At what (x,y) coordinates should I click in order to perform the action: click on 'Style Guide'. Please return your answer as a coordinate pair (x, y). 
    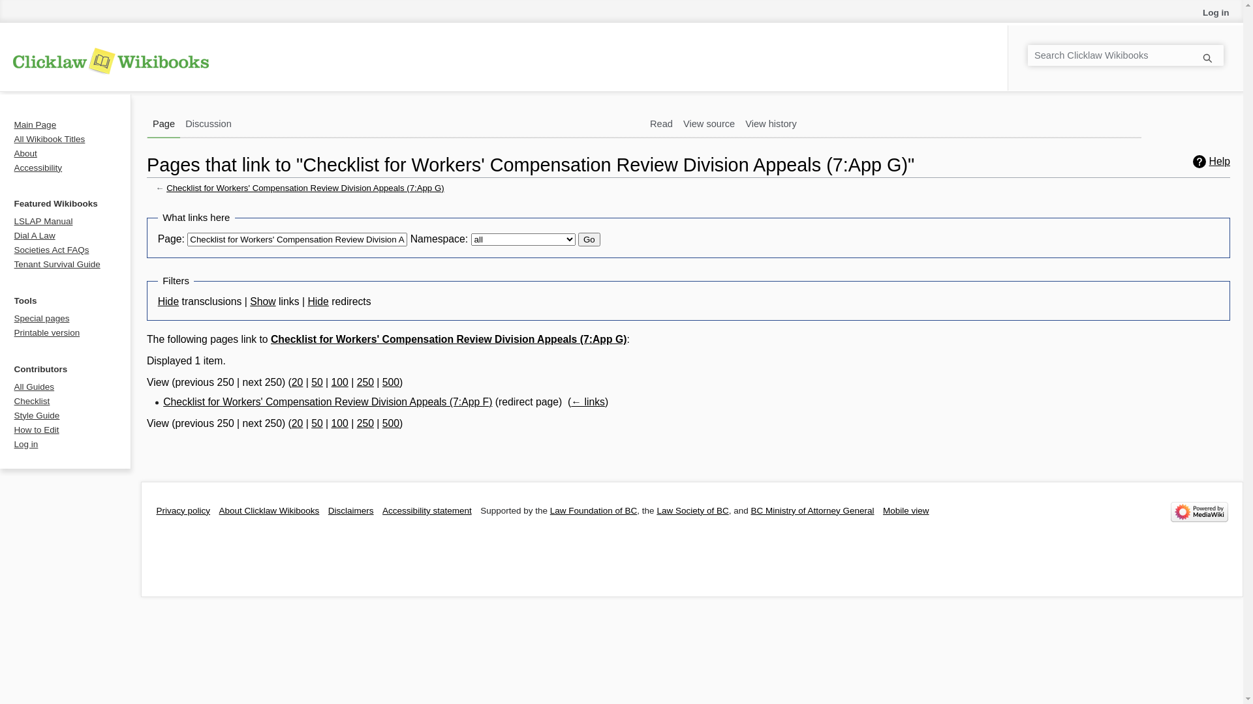
    Looking at the image, I should click on (37, 415).